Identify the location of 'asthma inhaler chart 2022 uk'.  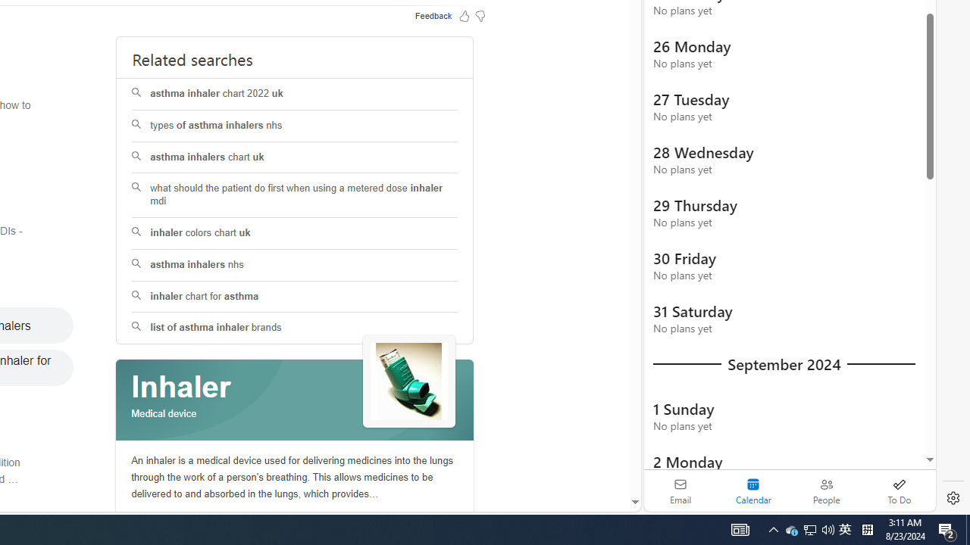
(295, 94).